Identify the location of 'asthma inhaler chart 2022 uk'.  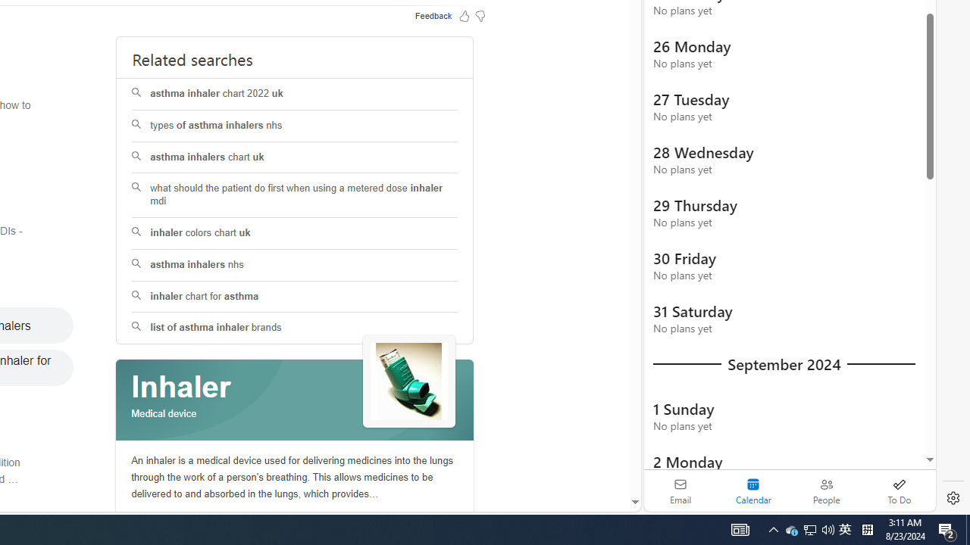
(295, 94).